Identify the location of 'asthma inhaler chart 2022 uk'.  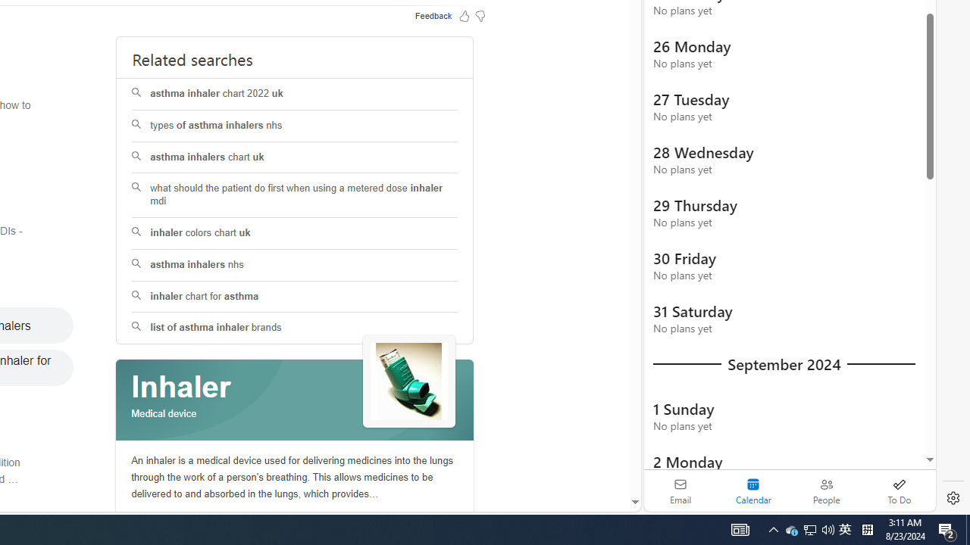
(295, 94).